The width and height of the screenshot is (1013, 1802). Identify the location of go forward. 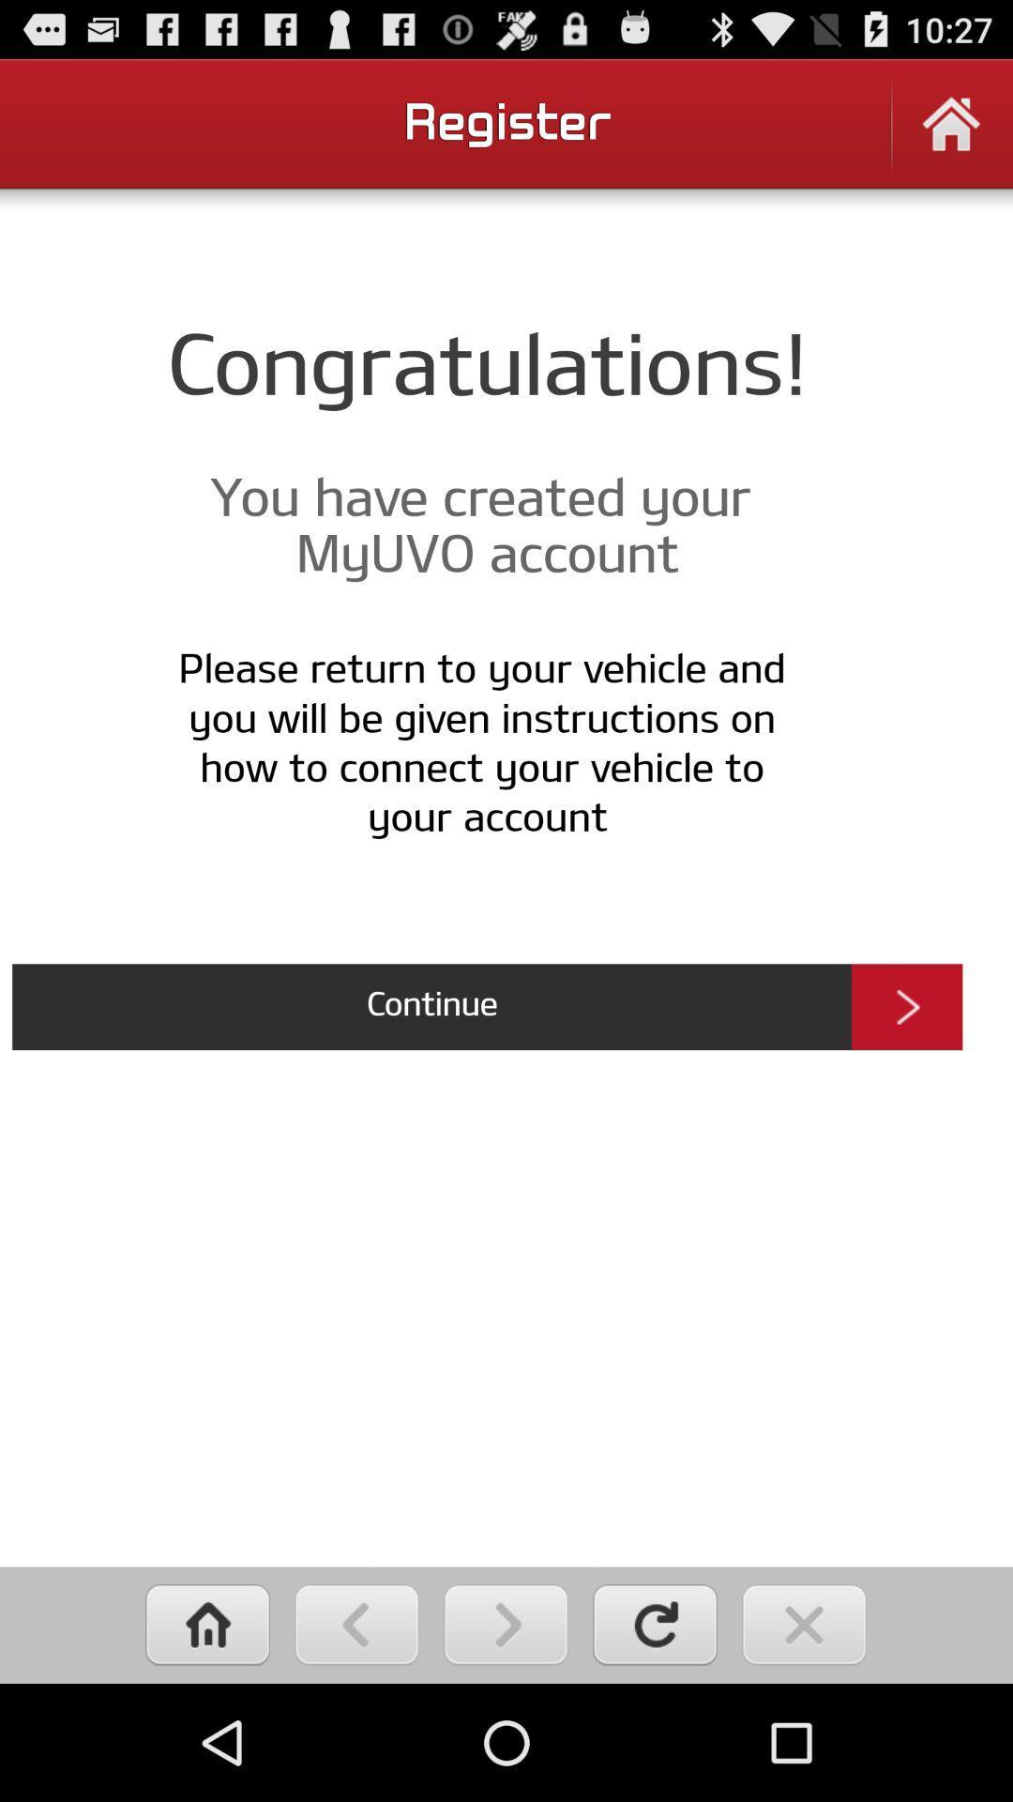
(505, 1624).